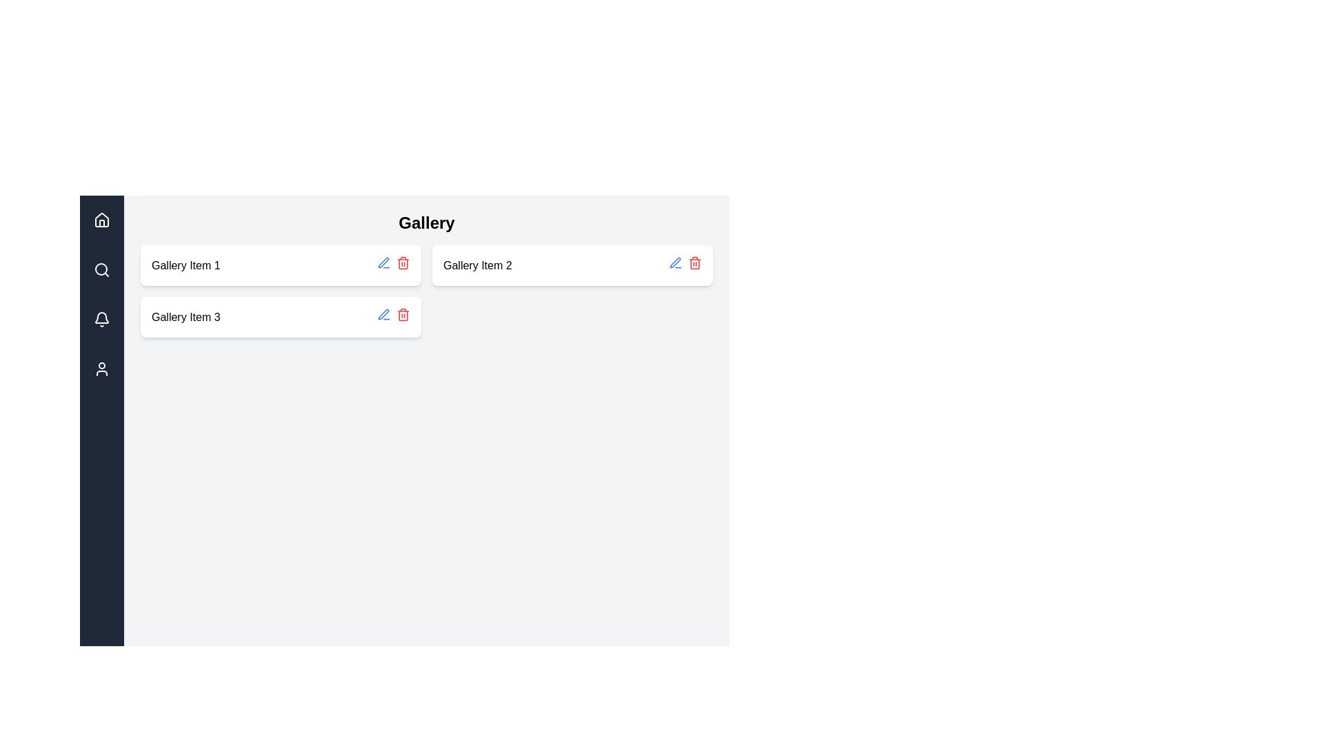 The height and width of the screenshot is (744, 1324). What do you see at coordinates (101, 319) in the screenshot?
I see `the interactive circular button with a bell icon located in the vertical sidebar` at bounding box center [101, 319].